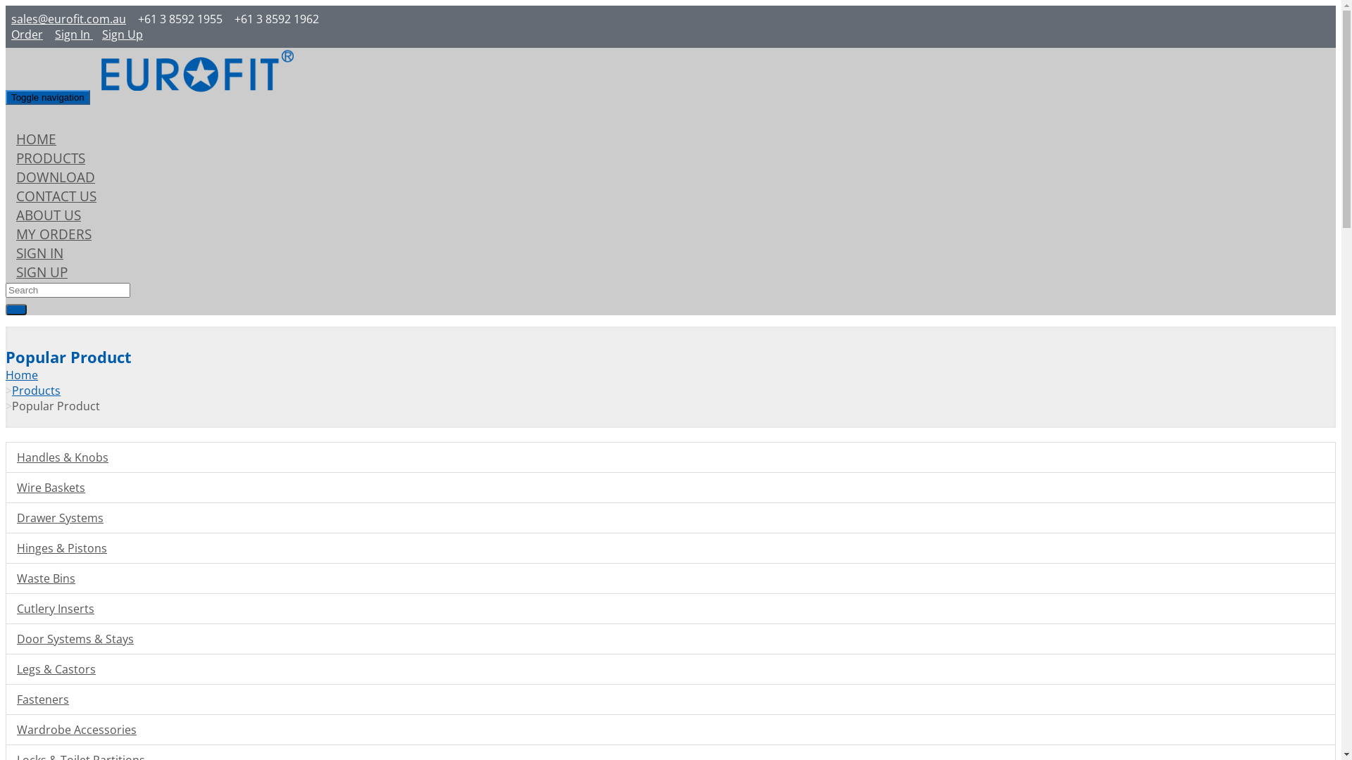  Describe the element at coordinates (6, 607) in the screenshot. I see `'Cutlery Inserts'` at that location.